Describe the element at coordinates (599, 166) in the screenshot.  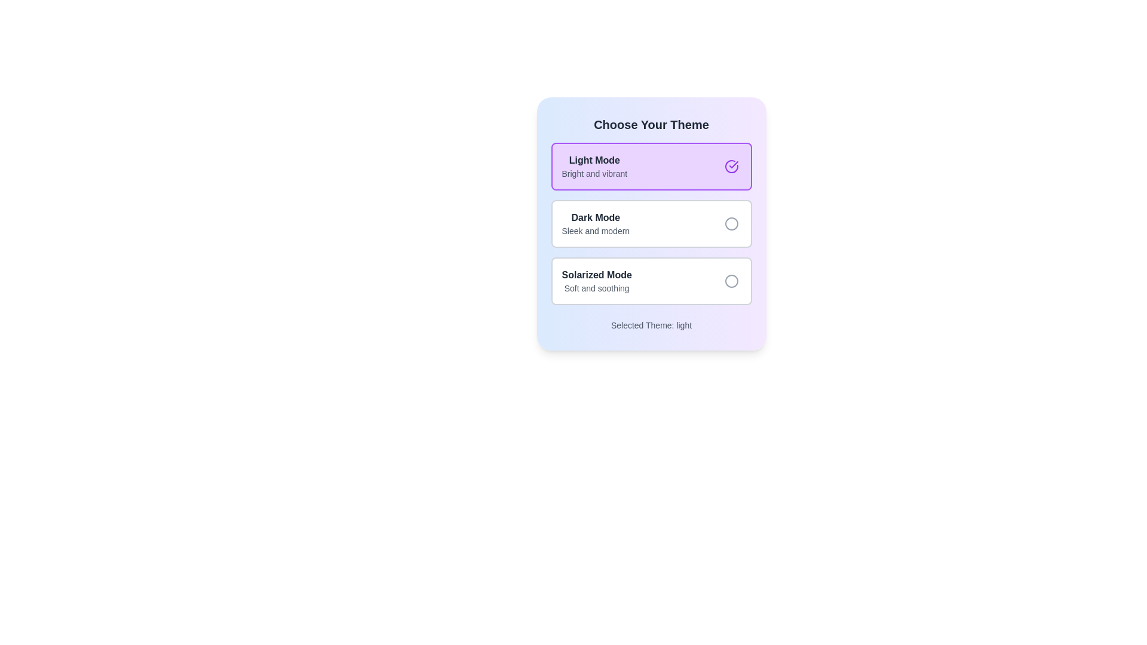
I see `text of the 'Light Mode' theme option label located near the top left of the theme selection menu` at that location.